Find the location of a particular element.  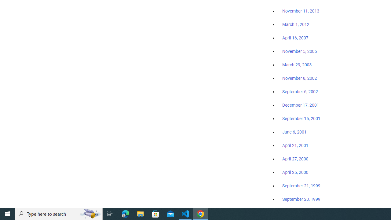

'September 15, 2001' is located at coordinates (301, 118).